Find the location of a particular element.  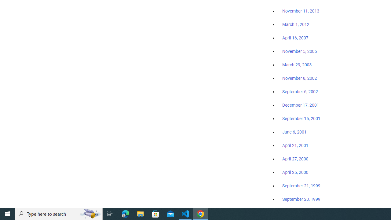

'September 15, 2001' is located at coordinates (301, 118).